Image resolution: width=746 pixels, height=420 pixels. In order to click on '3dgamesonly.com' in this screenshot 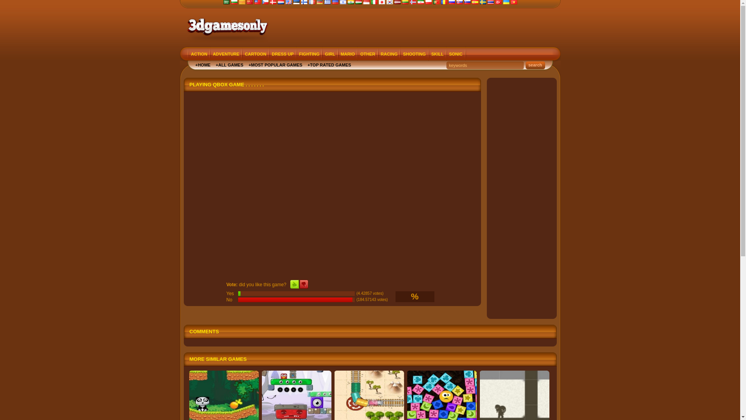, I will do `click(226, 25)`.